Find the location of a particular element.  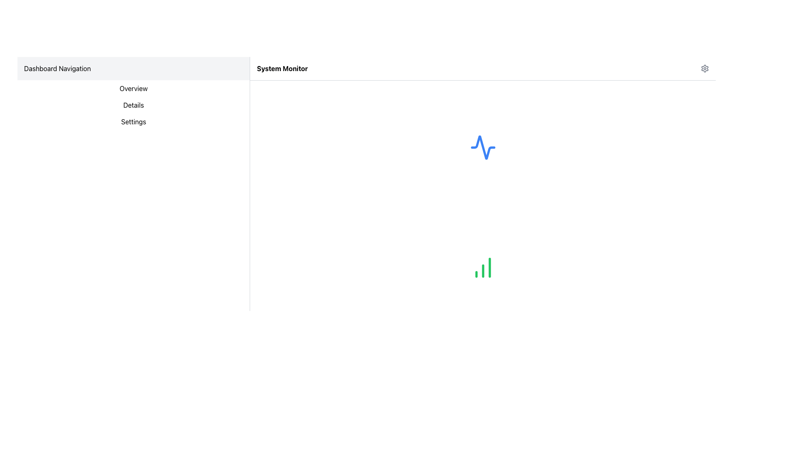

the gear icon located in the top-right corner of the interface is located at coordinates (705, 68).